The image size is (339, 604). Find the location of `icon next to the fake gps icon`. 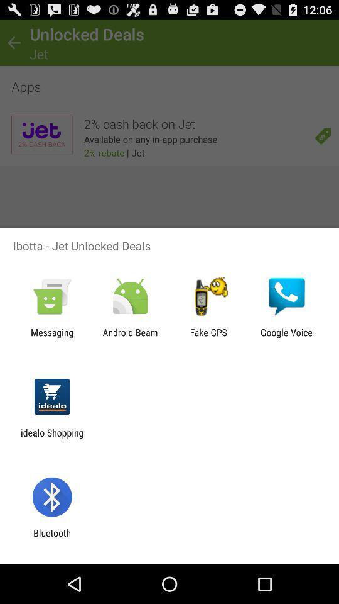

icon next to the fake gps icon is located at coordinates (286, 337).